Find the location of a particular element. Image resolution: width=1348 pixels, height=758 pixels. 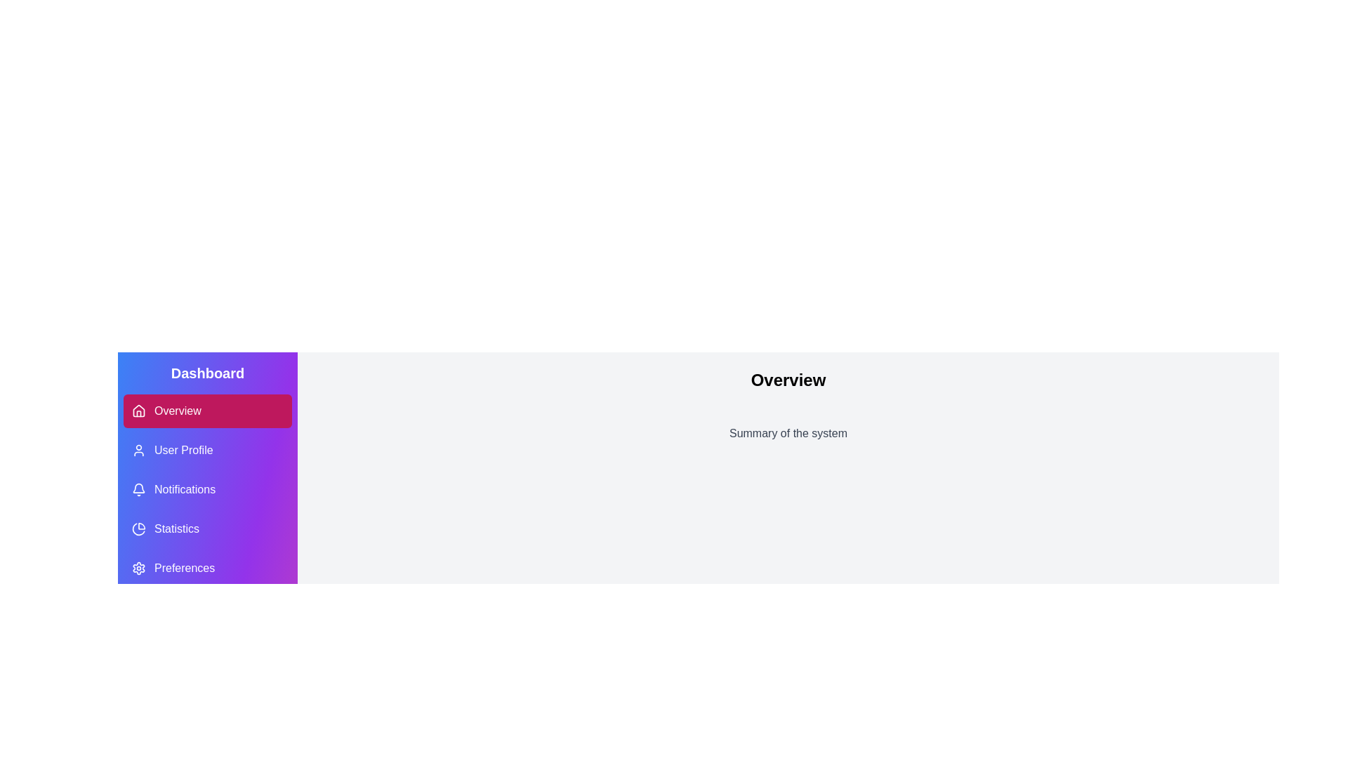

the bell icon with a purple background located next to the 'Notifications' label in the vertical navigation menu is located at coordinates (138, 489).